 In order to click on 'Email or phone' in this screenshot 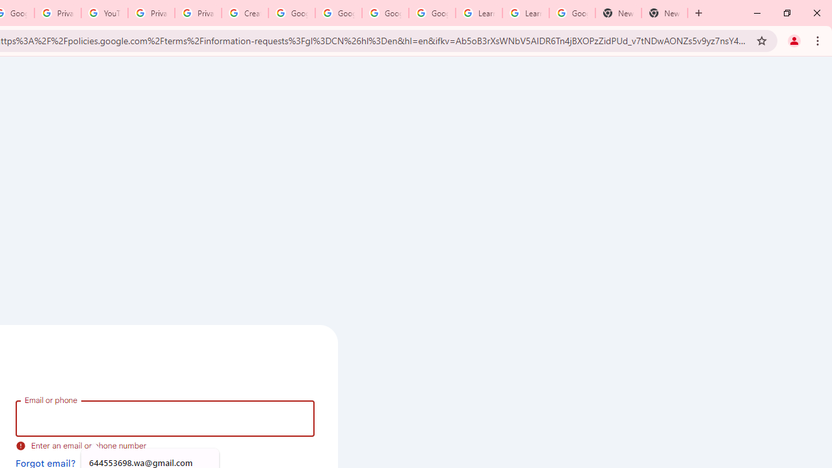, I will do `click(164, 418)`.